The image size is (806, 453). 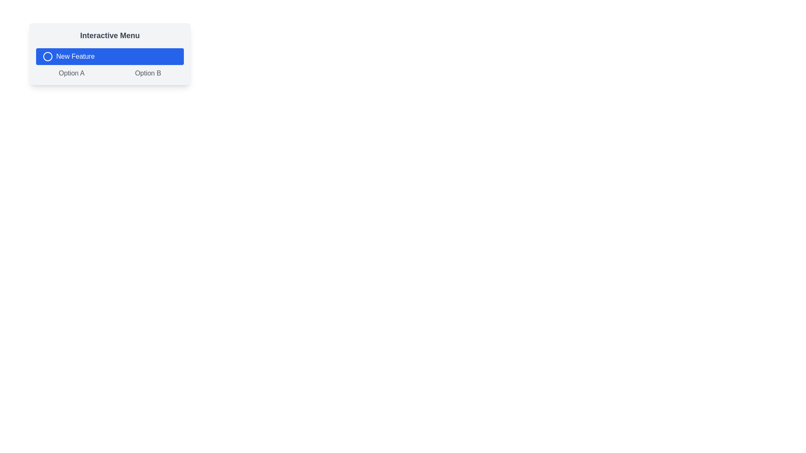 I want to click on the text option 'Option B', which is styled in gray and transitions to blue when hovered, so click(x=148, y=73).